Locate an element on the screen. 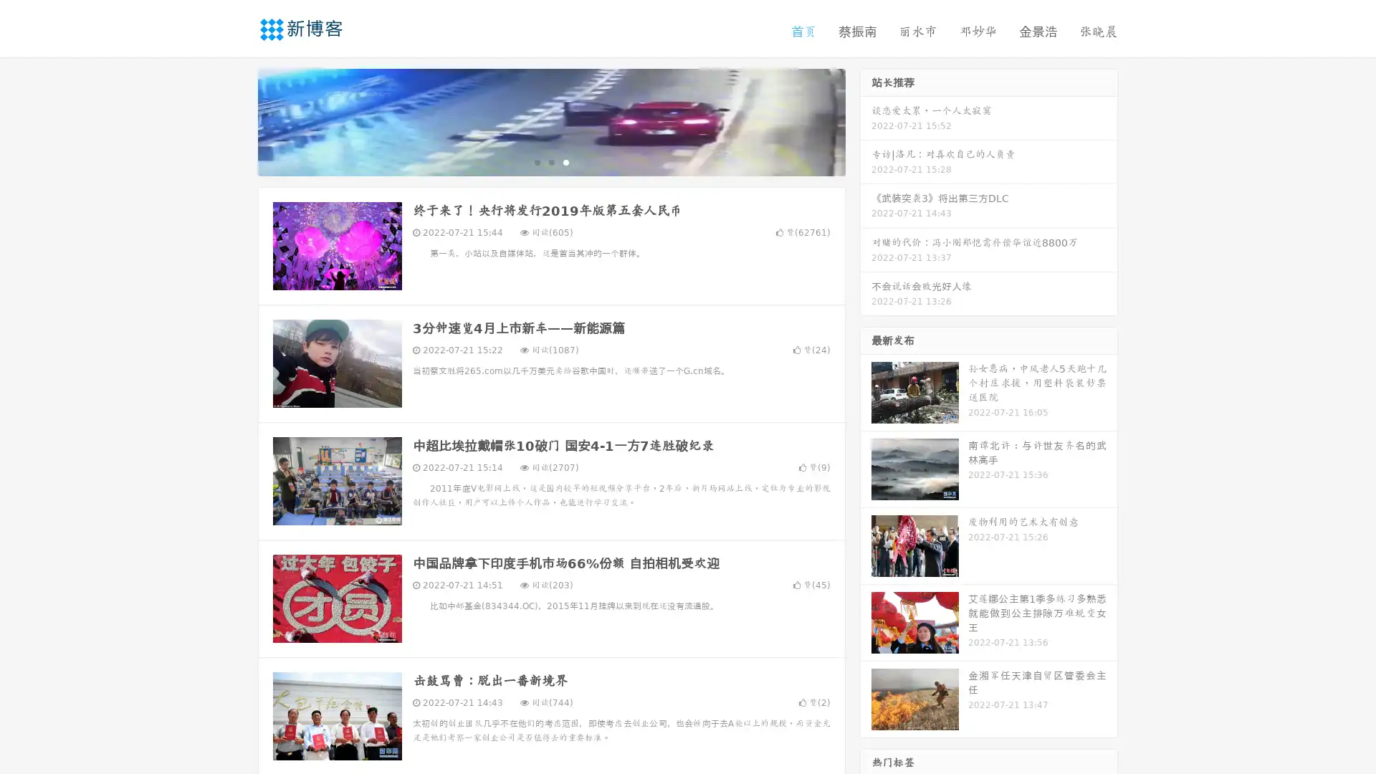 This screenshot has width=1376, height=774. Next slide is located at coordinates (866, 120).